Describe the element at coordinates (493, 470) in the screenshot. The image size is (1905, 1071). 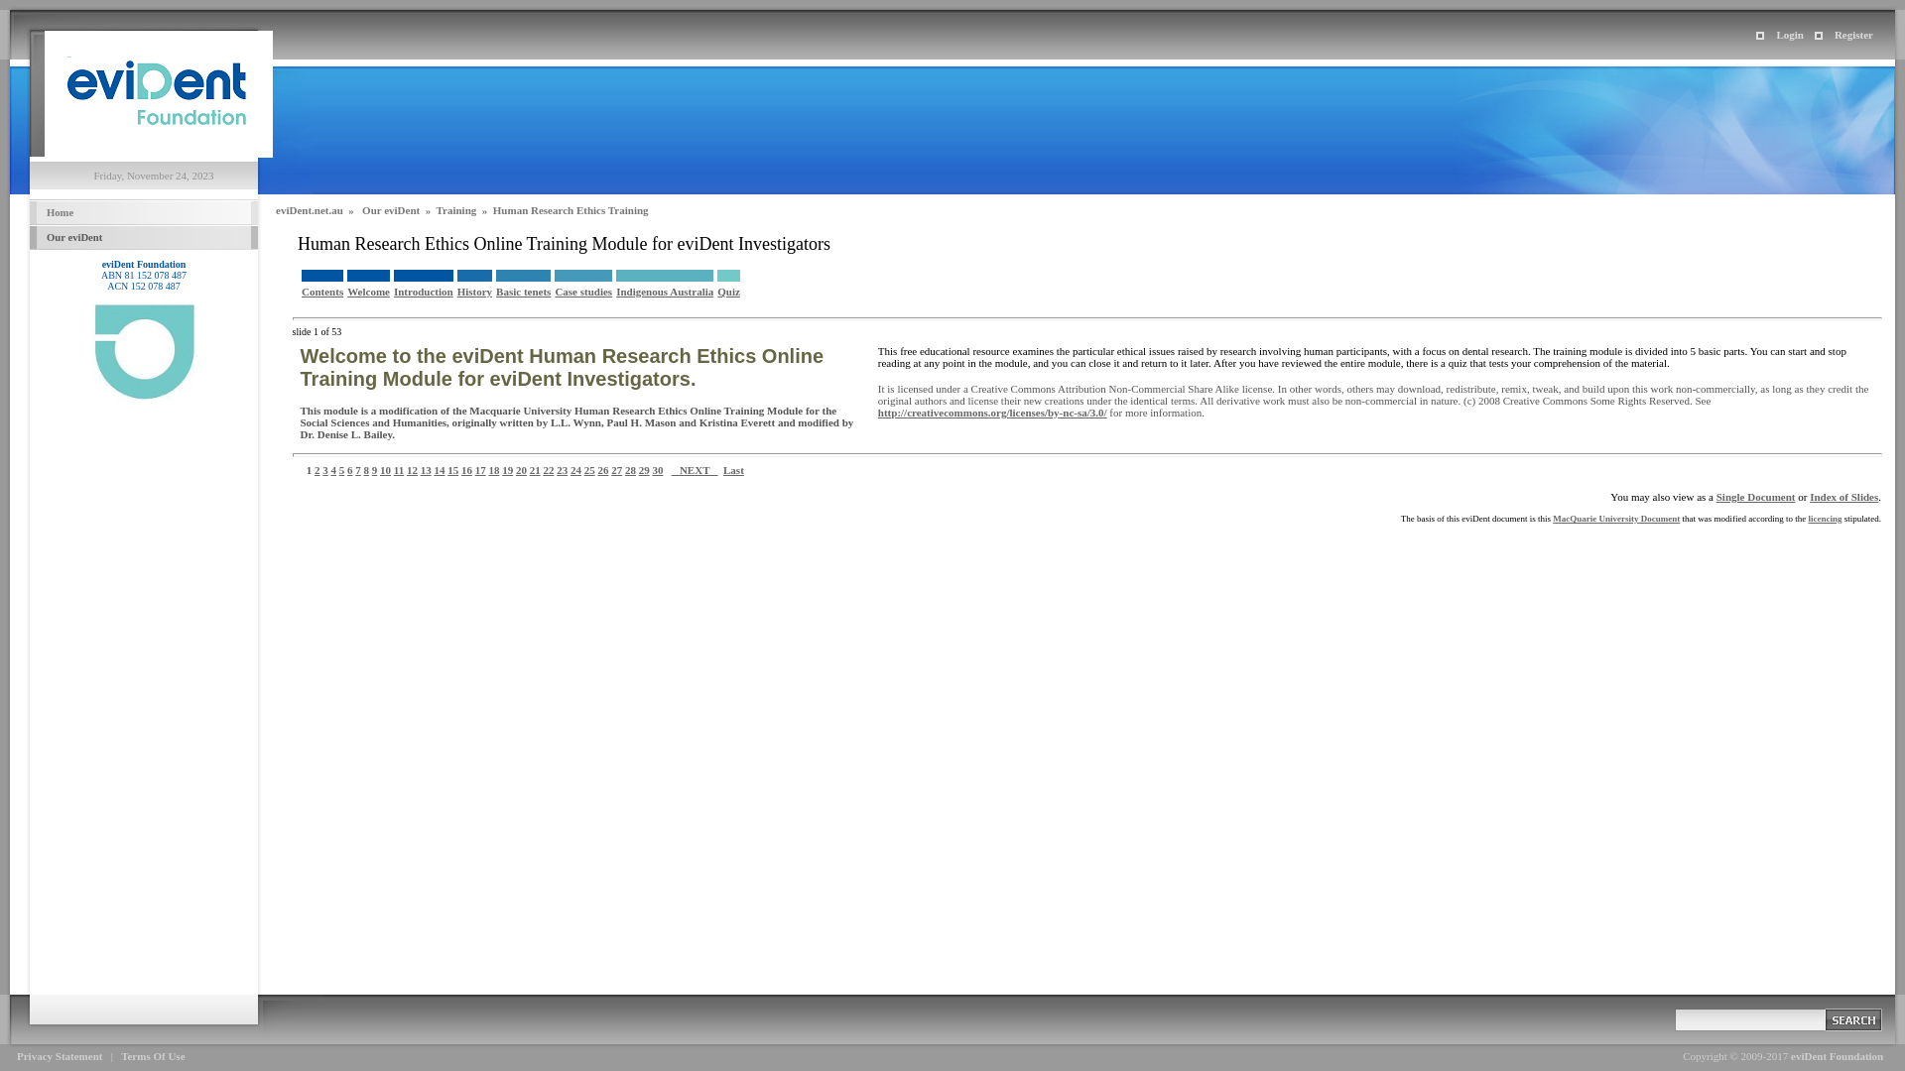
I see `'18'` at that location.